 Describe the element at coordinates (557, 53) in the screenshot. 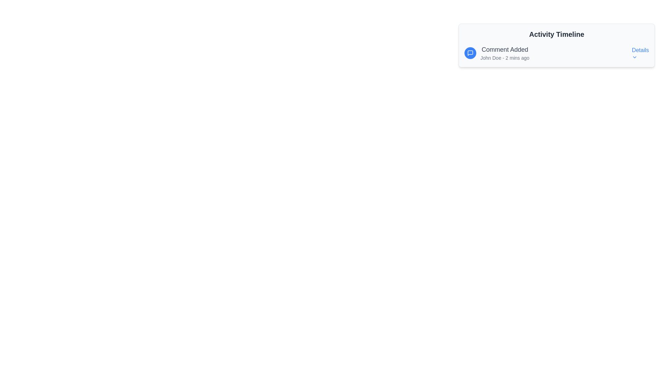

I see `the 'Details' link in the Activity log entry that shows 'Comment Added' by 'John Doe' with a timestamp '2 mins ago'` at that location.